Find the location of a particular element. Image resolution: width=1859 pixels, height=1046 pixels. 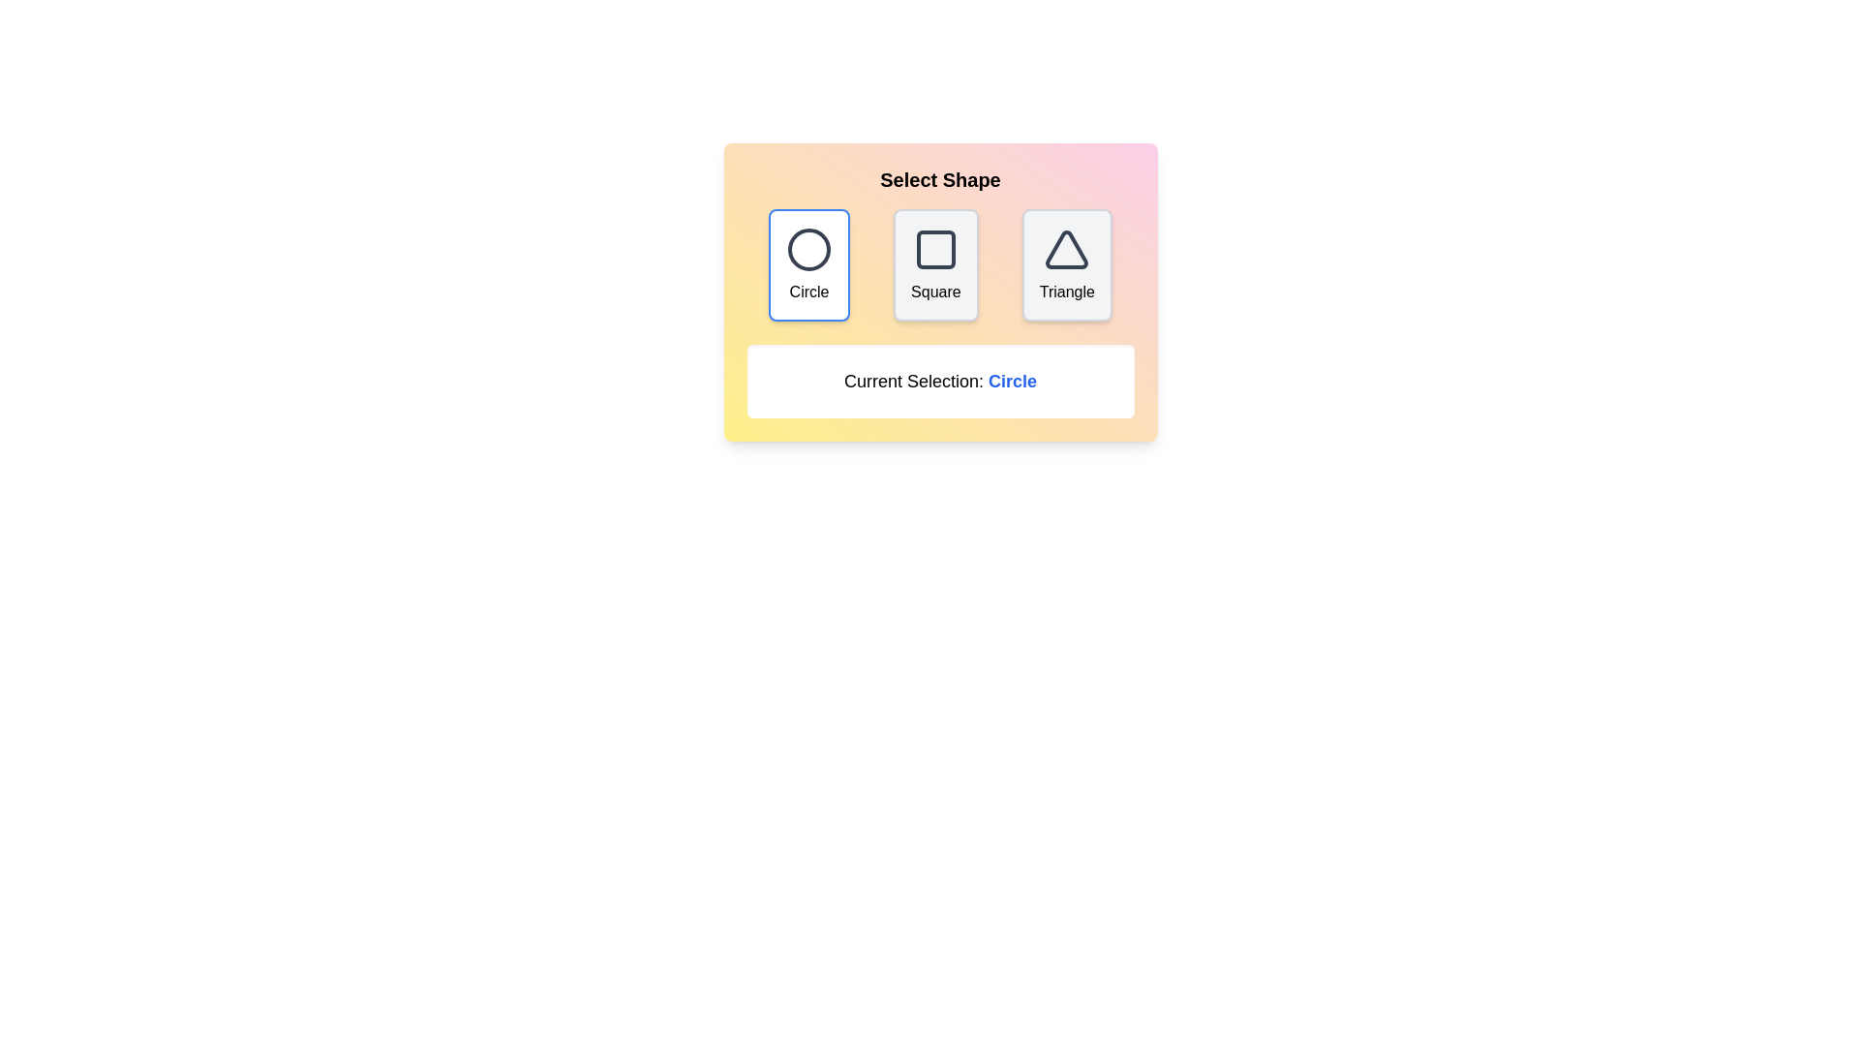

the Circle button to select the corresponding shape is located at coordinates (808, 264).